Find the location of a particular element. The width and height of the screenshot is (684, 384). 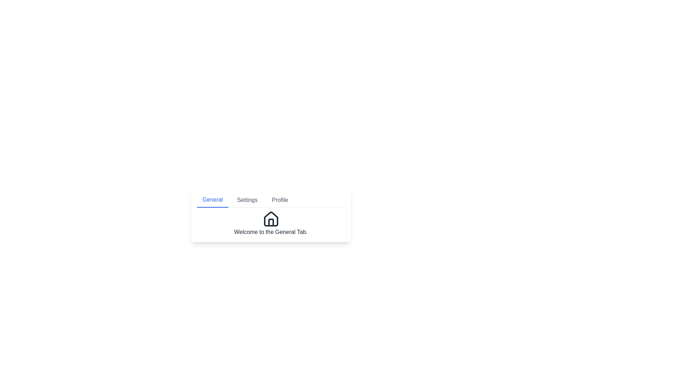

the 'Profile' button, which is styled as a text label in gray font and is the third tab in a horizontal tab list is located at coordinates (279, 200).